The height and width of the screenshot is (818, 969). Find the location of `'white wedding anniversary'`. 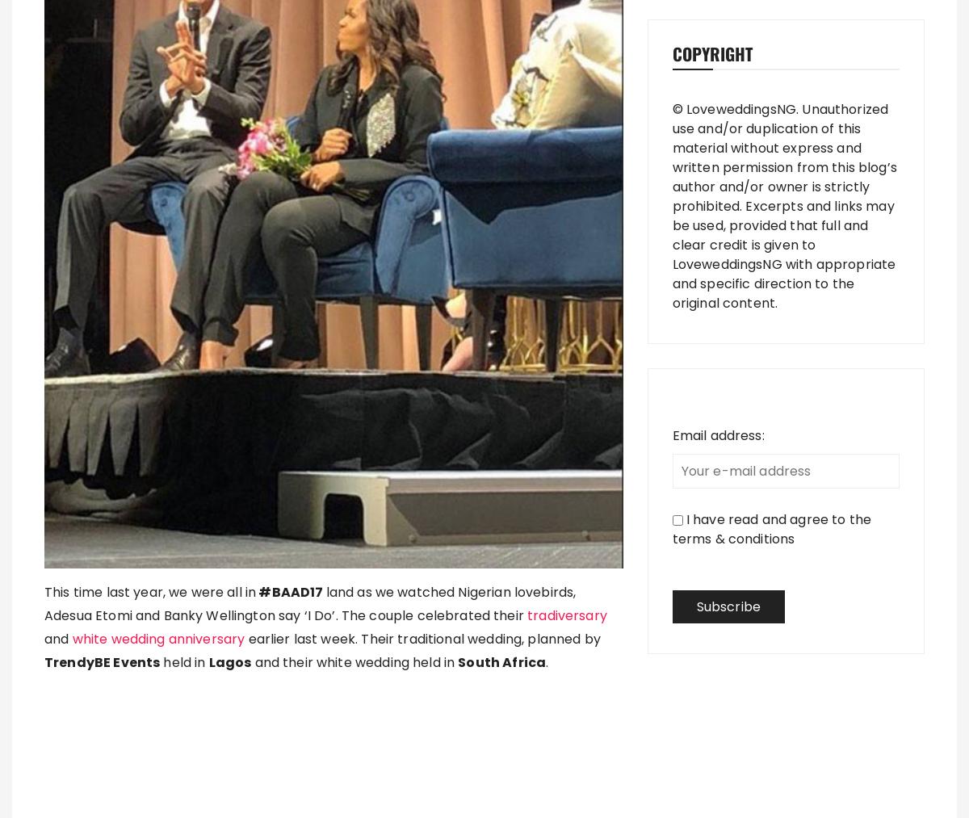

'white wedding anniversary' is located at coordinates (157, 638).